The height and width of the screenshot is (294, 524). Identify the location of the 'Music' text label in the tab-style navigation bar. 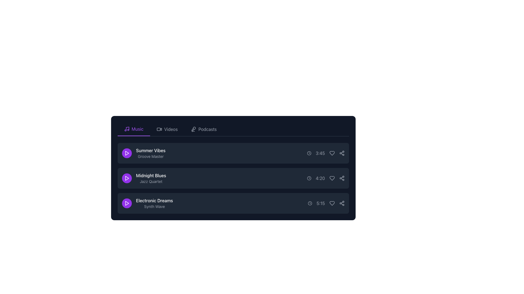
(138, 129).